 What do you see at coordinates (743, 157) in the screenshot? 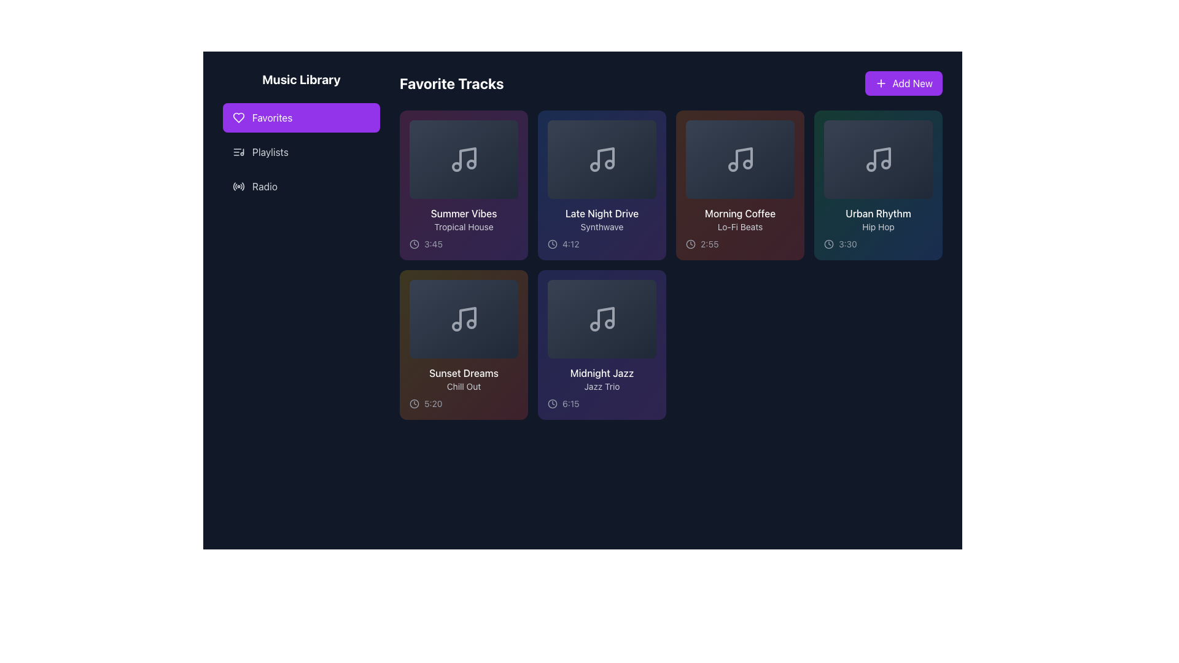
I see `the graphical music note icon represented in a minimalist design, which is part of an SVG element centered around the title 'Morning Coffee'` at bounding box center [743, 157].